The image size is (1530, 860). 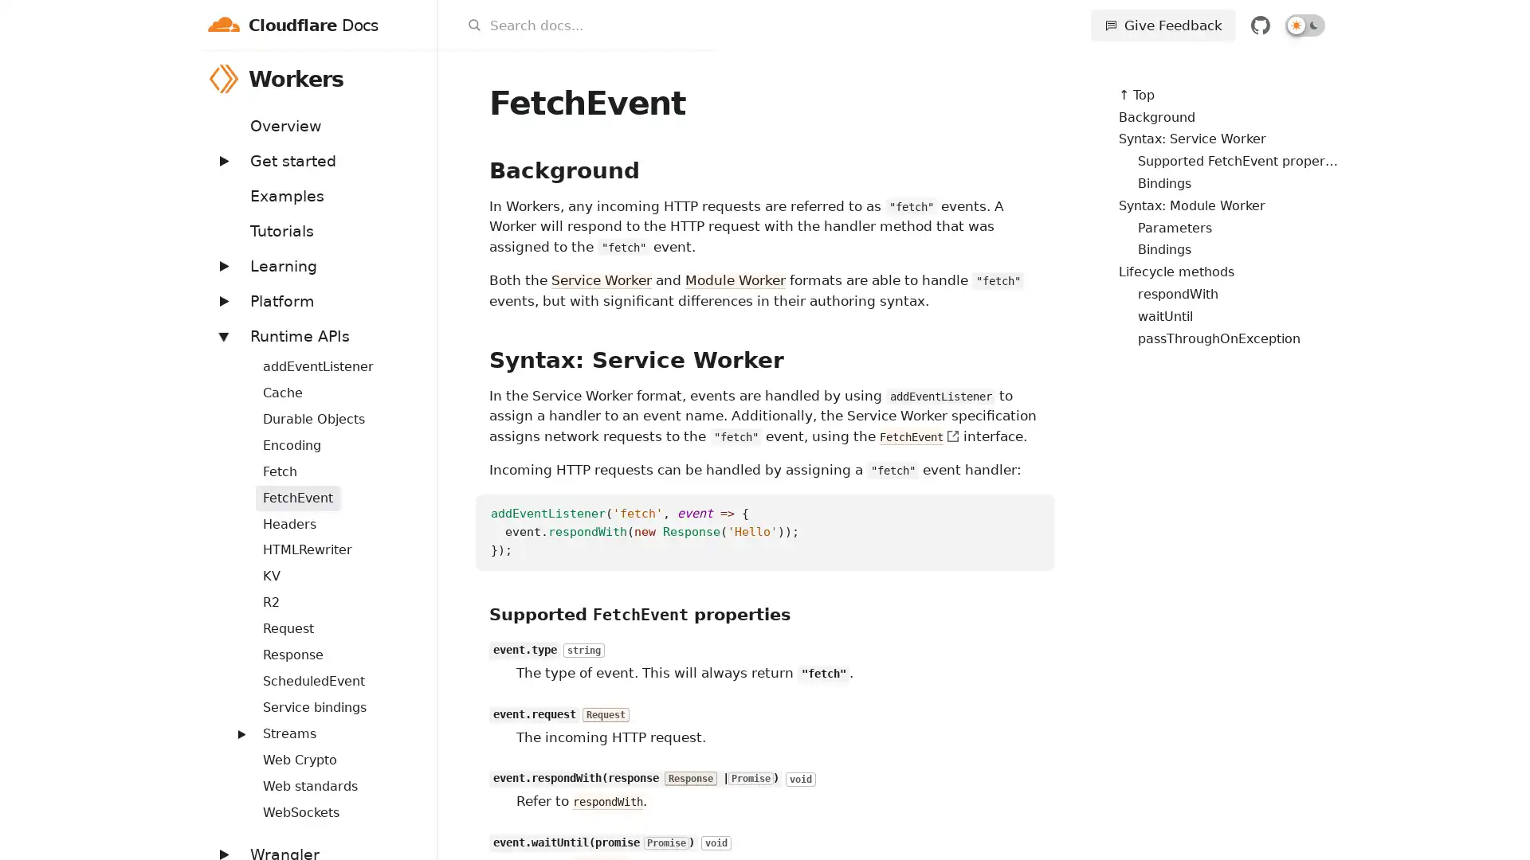 What do you see at coordinates (222, 160) in the screenshot?
I see `Expand: Get started` at bounding box center [222, 160].